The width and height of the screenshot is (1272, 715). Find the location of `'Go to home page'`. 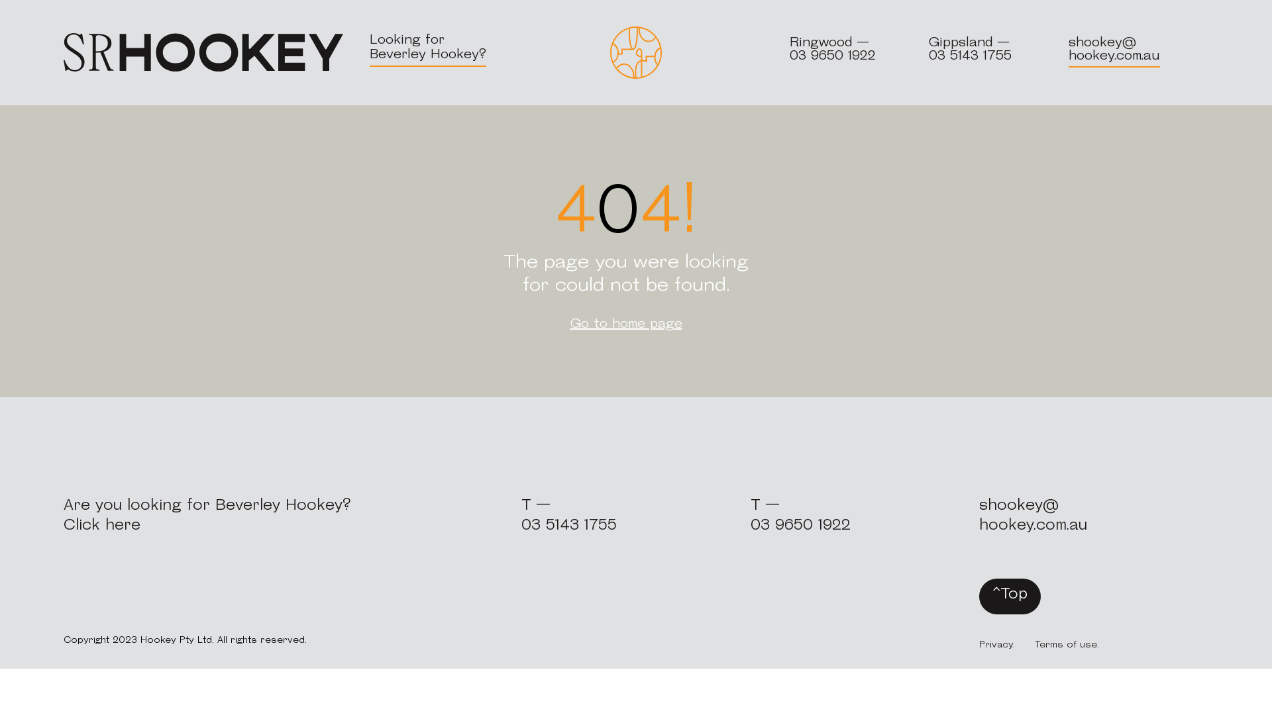

'Go to home page' is located at coordinates (625, 324).